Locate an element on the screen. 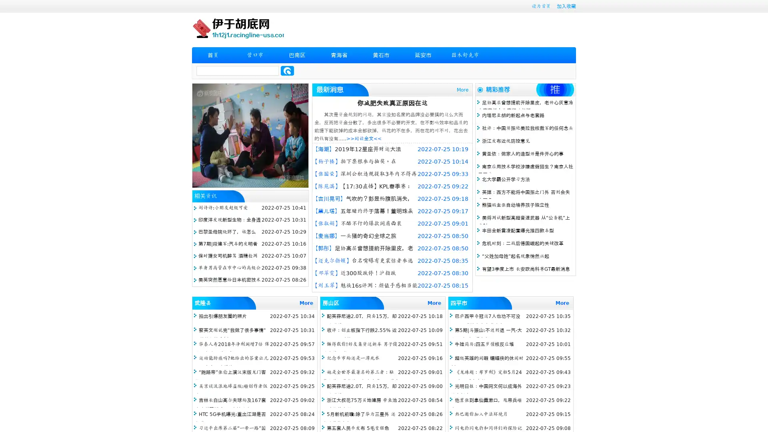 The height and width of the screenshot is (432, 768). Search is located at coordinates (287, 70).